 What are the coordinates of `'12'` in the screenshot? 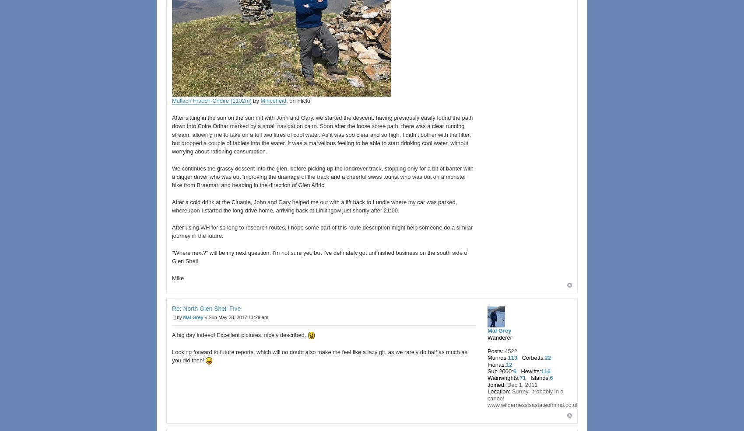 It's located at (509, 364).